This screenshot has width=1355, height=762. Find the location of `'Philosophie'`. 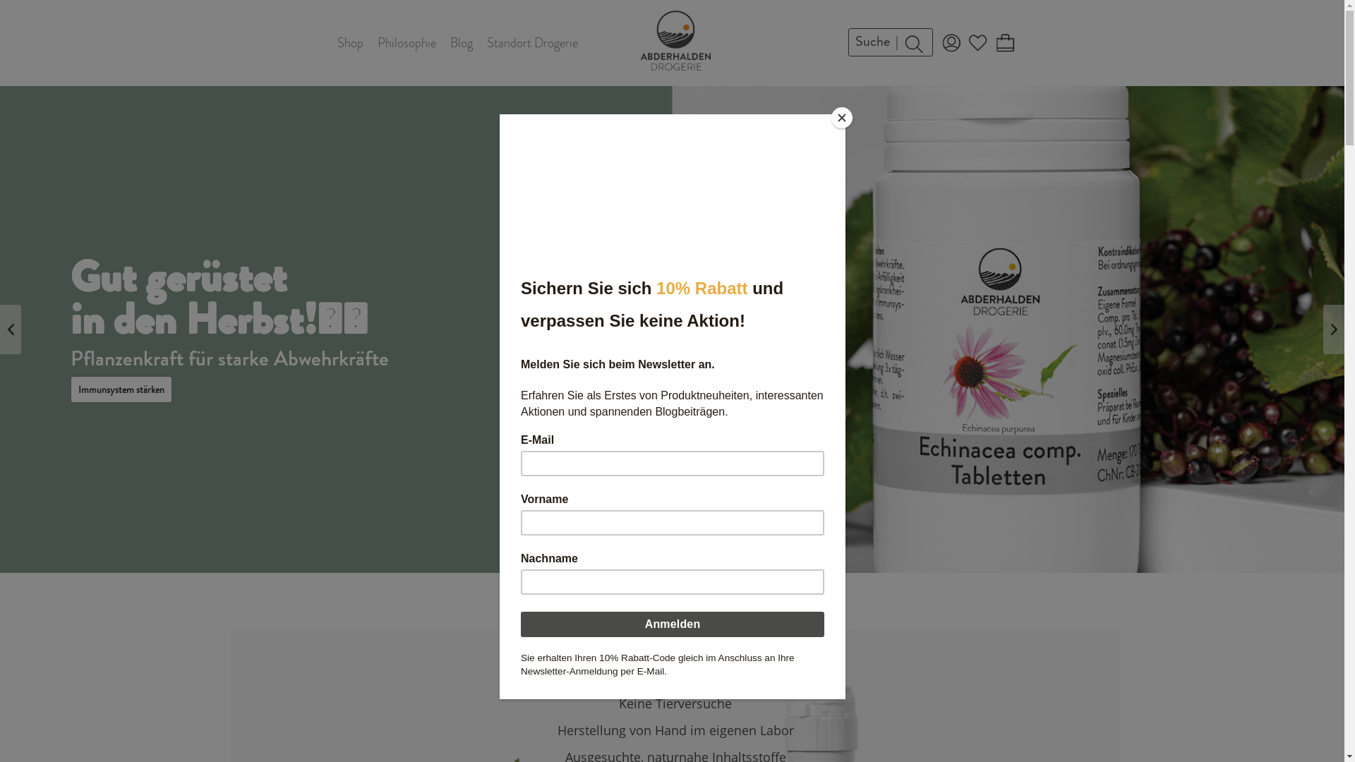

'Philosophie' is located at coordinates (405, 42).